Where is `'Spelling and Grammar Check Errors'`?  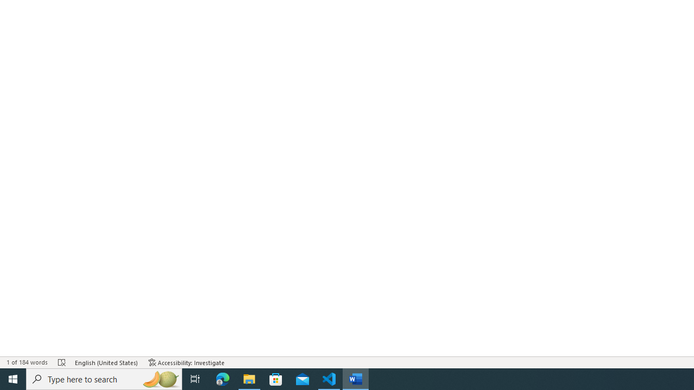
'Spelling and Grammar Check Errors' is located at coordinates (61, 362).